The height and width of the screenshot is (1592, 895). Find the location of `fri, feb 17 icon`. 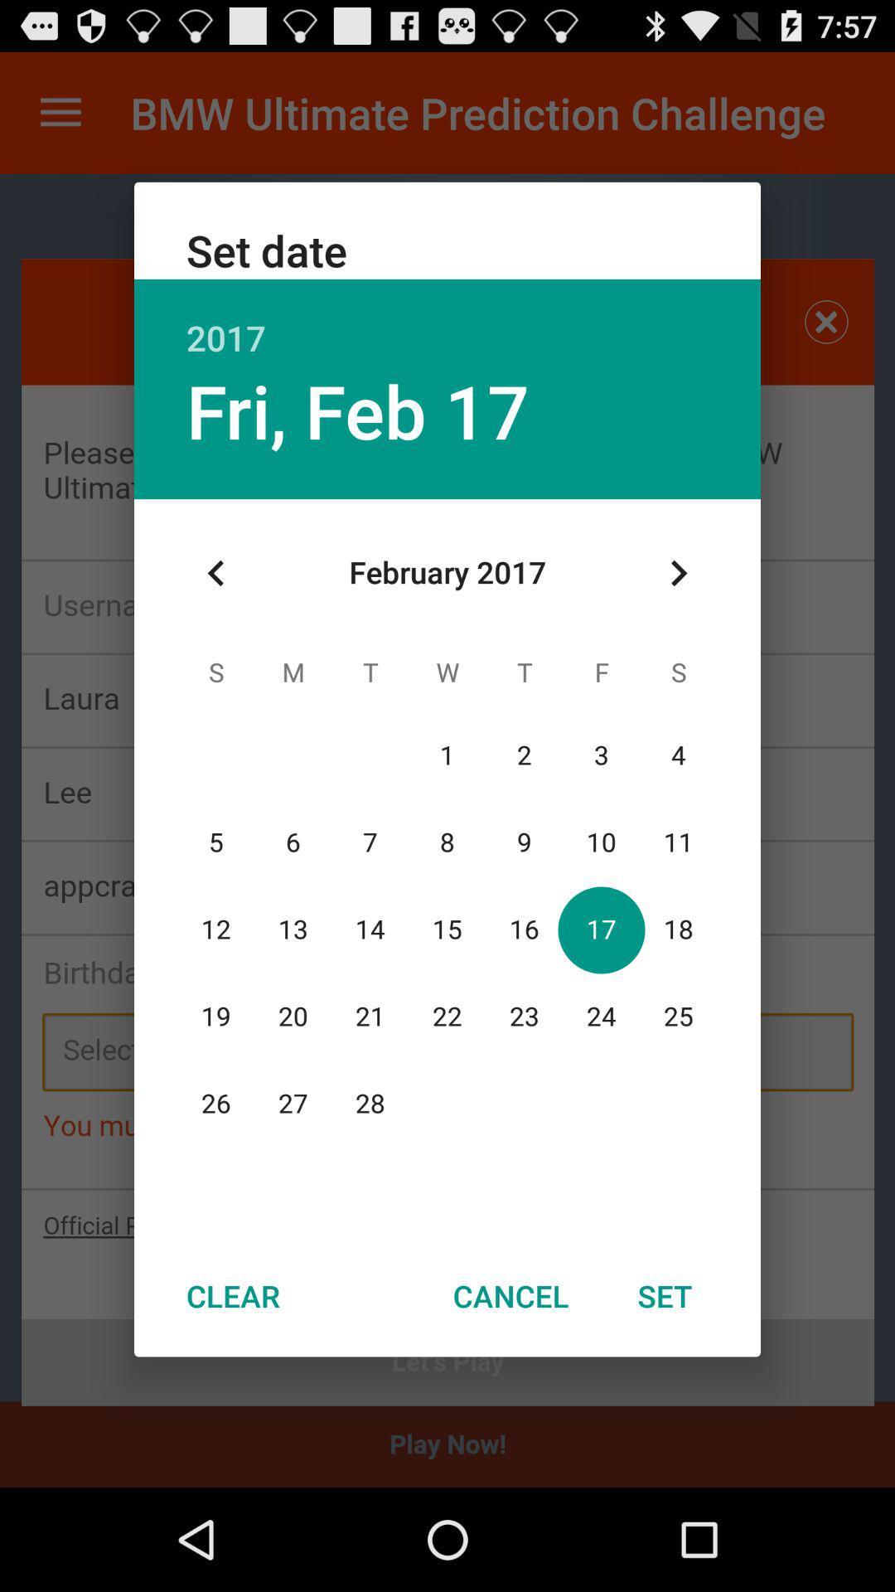

fri, feb 17 icon is located at coordinates (357, 410).